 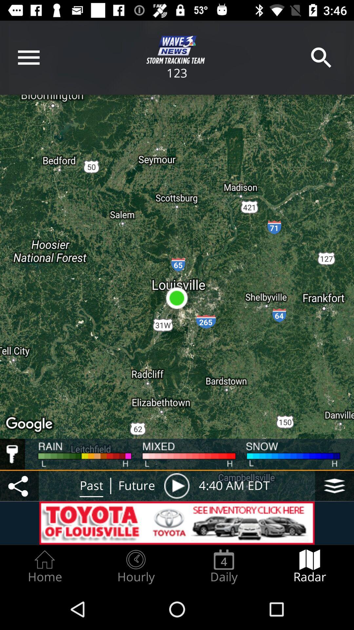 I want to click on the icon next to daily, so click(x=135, y=566).